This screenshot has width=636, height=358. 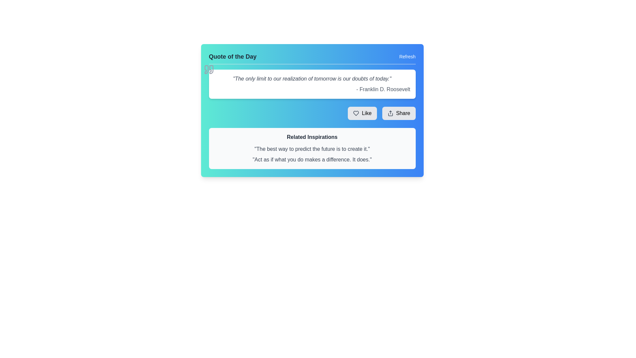 I want to click on the 'Like' button, which is a rectangular button with rounded corners, gray background, and a heart-shaped icon, located at the bottom right of the card, so click(x=362, y=113).